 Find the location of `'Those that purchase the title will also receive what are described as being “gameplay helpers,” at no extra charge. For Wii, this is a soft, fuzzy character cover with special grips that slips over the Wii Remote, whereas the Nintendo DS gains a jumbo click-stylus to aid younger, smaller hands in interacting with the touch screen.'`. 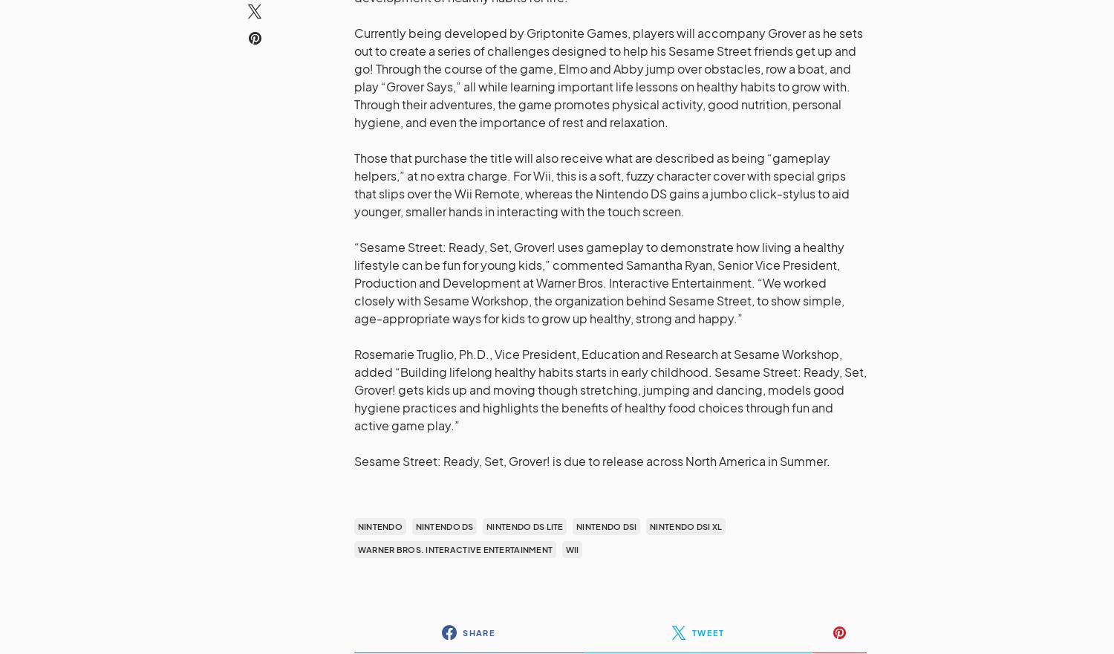

'Those that purchase the title will also receive what are described as being “gameplay helpers,” at no extra charge. For Wii, this is a soft, fuzzy character cover with special grips that slips over the Wii Remote, whereas the Nintendo DS gains a jumbo click-stylus to aid younger, smaller hands in interacting with the touch screen.' is located at coordinates (602, 184).